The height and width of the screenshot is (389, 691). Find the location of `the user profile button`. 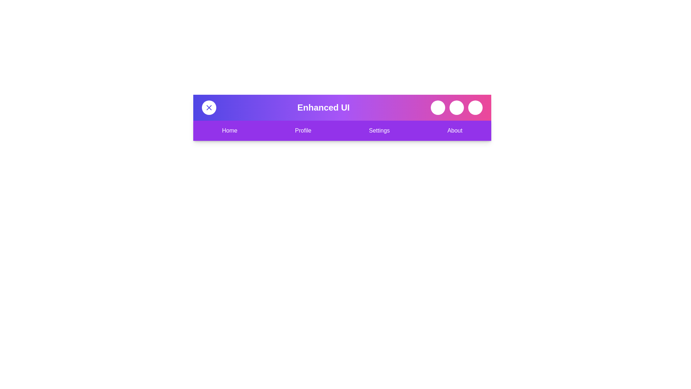

the user profile button is located at coordinates (475, 108).